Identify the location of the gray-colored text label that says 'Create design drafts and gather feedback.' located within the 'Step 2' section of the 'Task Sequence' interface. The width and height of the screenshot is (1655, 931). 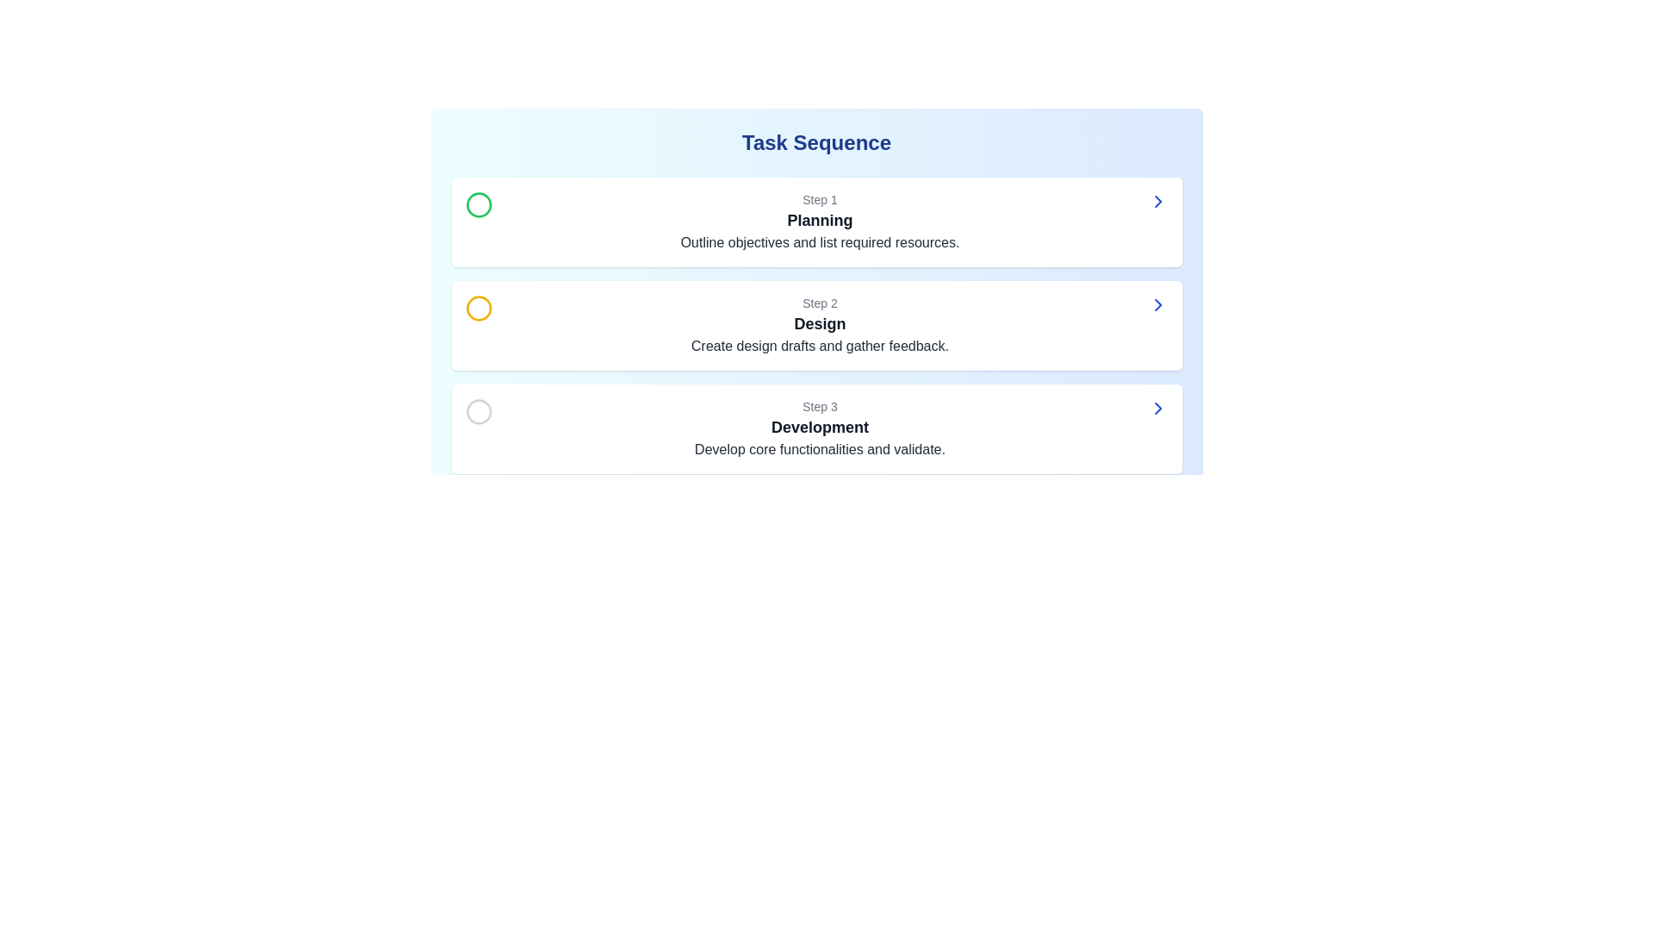
(819, 346).